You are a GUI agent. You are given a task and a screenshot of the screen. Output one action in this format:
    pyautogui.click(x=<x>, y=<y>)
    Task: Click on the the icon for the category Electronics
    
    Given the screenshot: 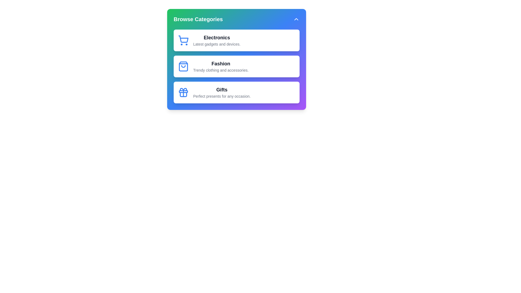 What is the action you would take?
    pyautogui.click(x=183, y=40)
    